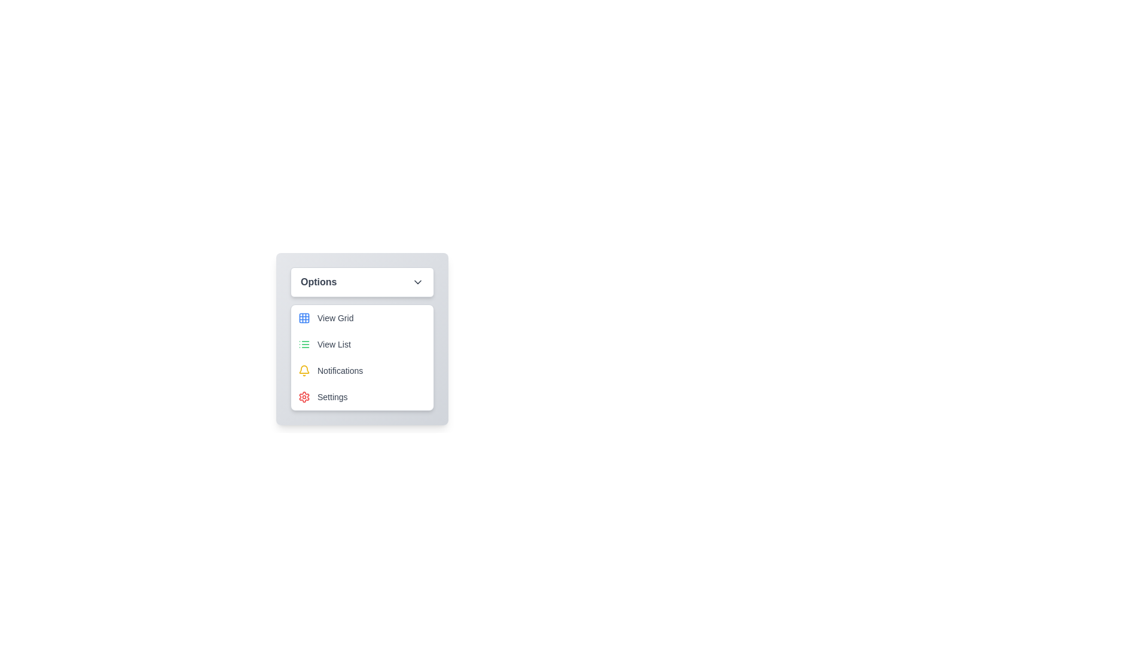 The image size is (1148, 646). Describe the element at coordinates (304, 318) in the screenshot. I see `the grid icon, which is the leftmost item` at that location.